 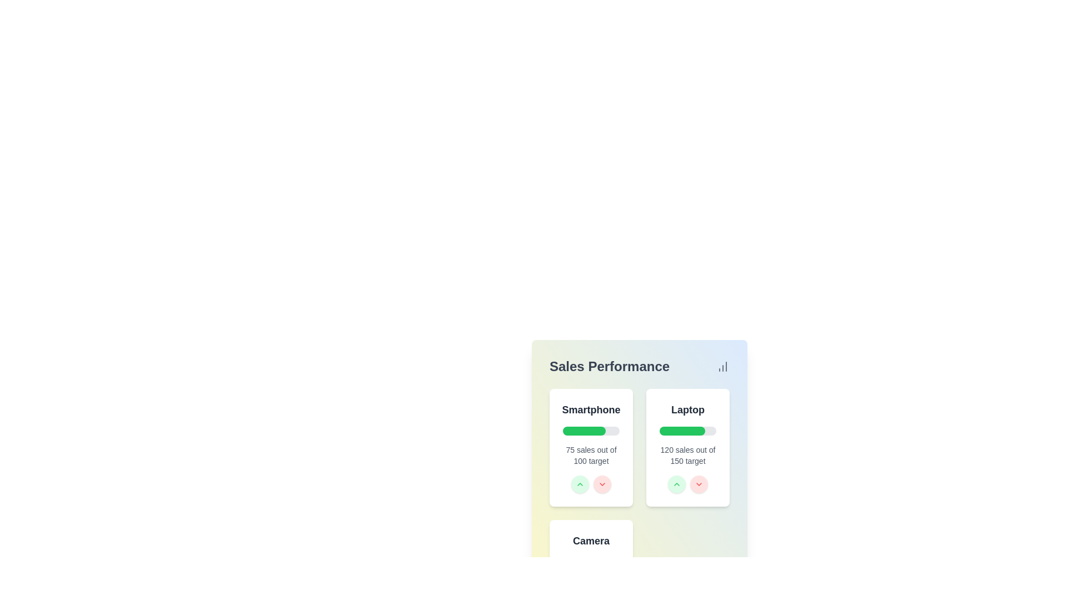 I want to click on the 'Camera' sales title text within the card under the 'Sales Performance' section, so click(x=591, y=541).